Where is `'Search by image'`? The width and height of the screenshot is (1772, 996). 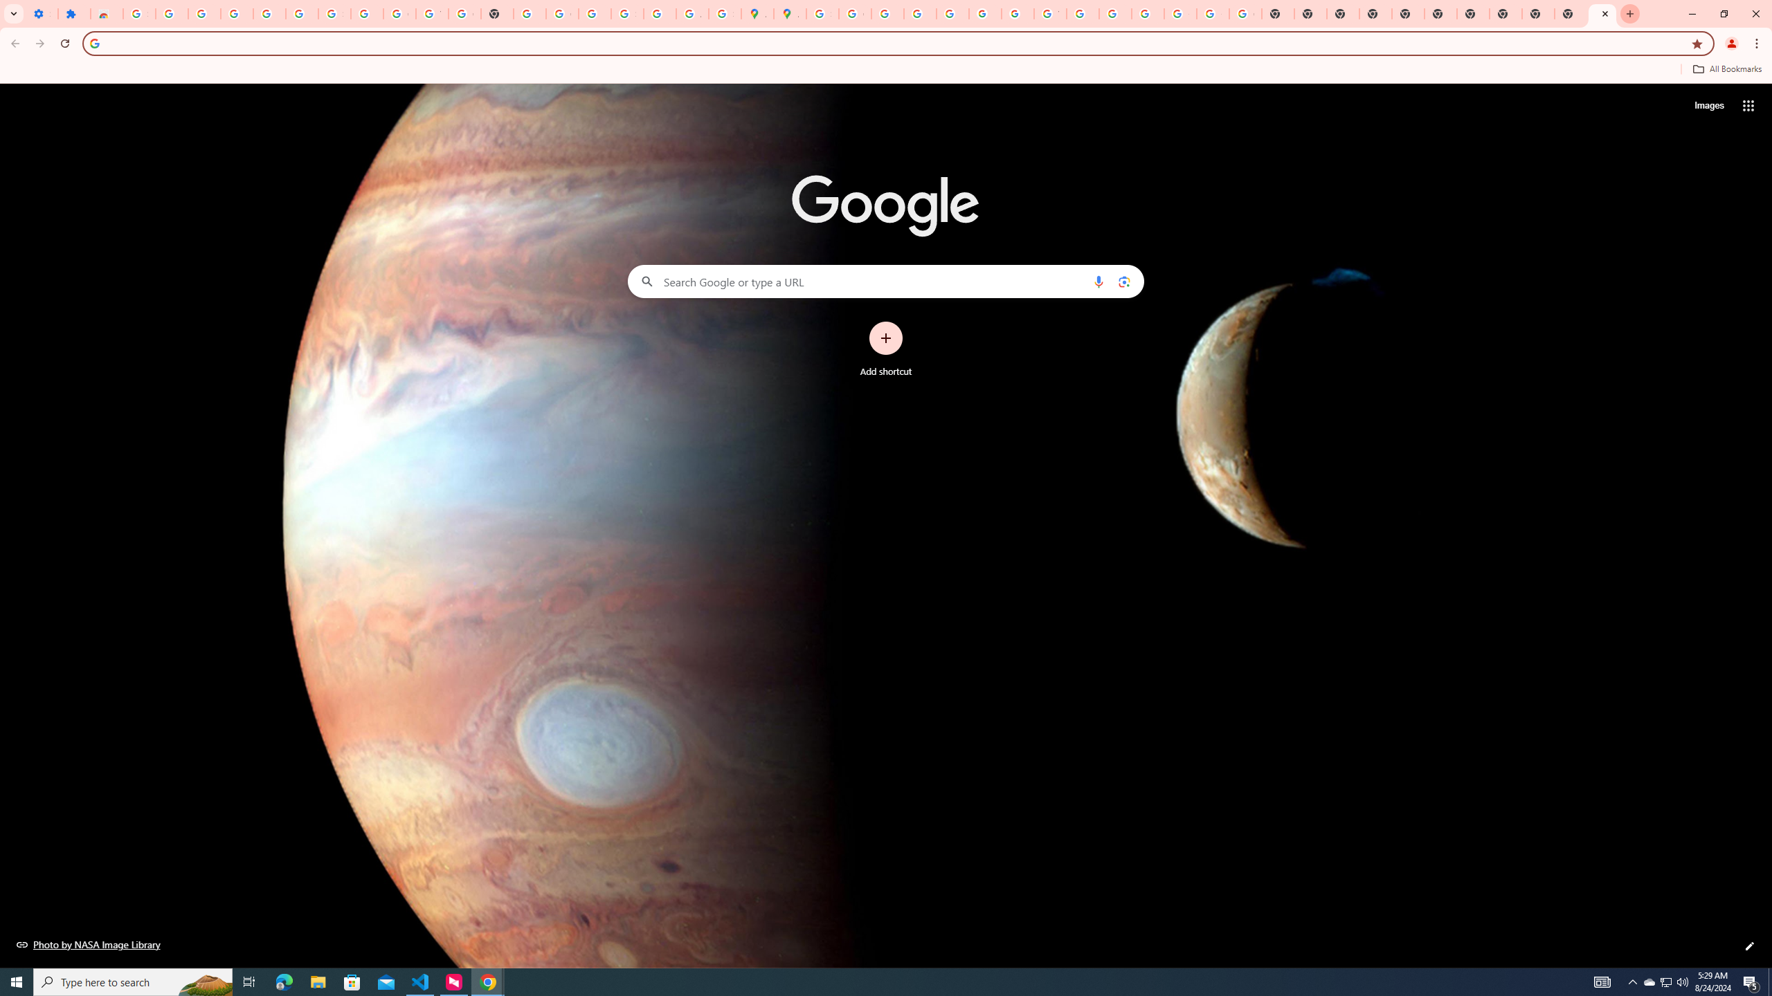 'Search by image' is located at coordinates (1123, 280).